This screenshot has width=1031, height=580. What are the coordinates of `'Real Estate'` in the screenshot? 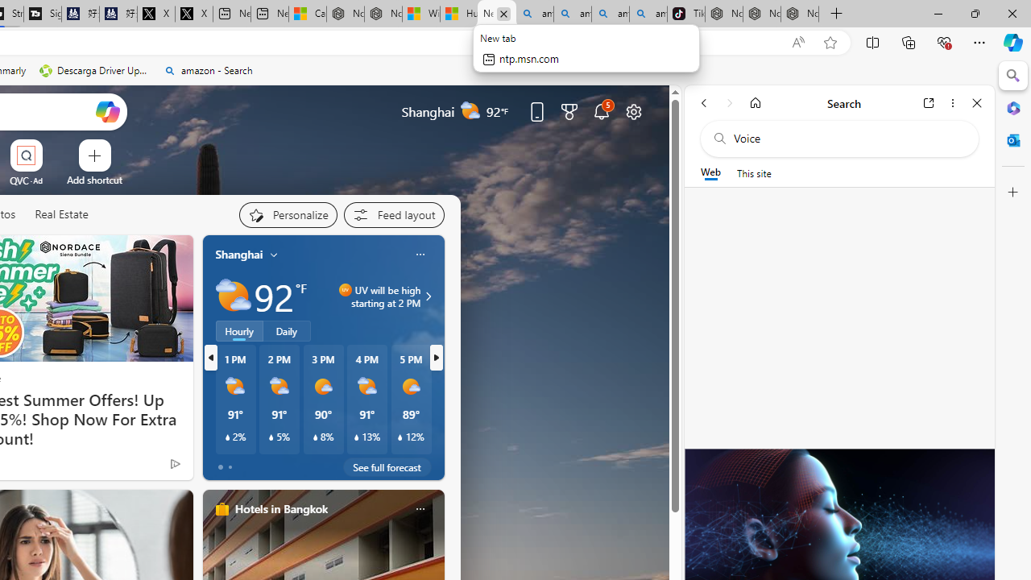 It's located at (61, 213).